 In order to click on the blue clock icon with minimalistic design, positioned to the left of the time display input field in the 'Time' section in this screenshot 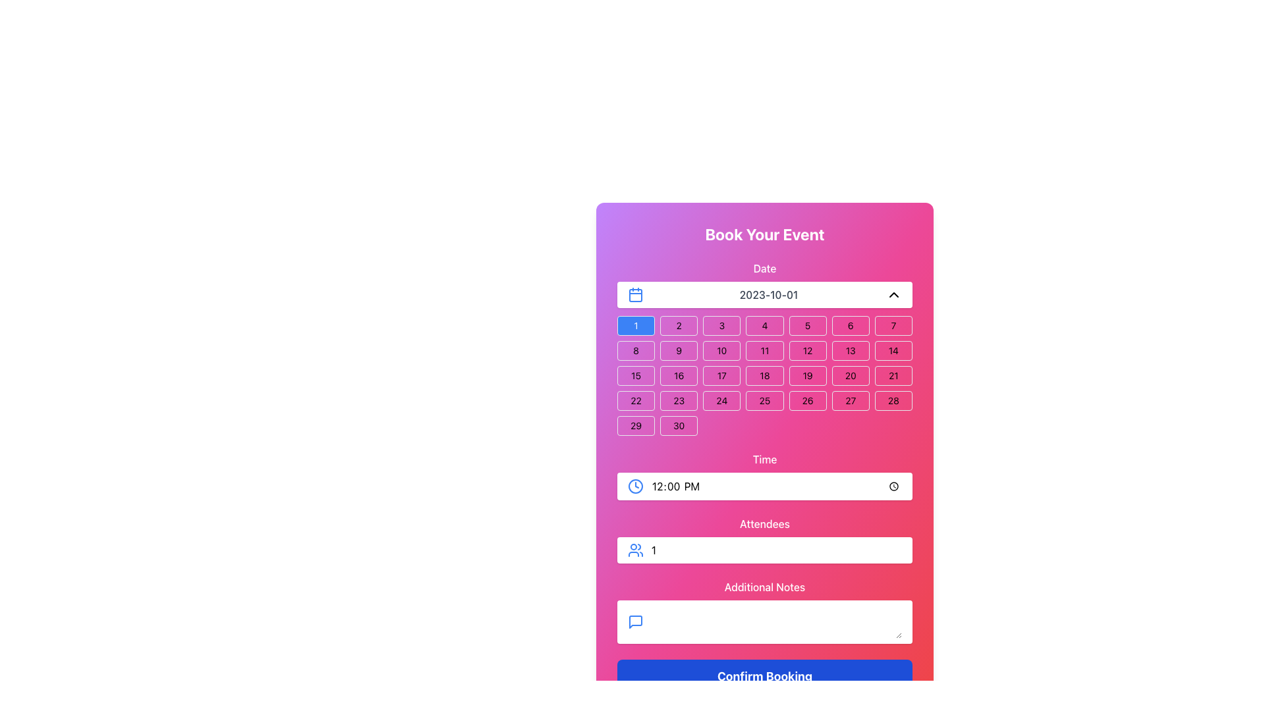, I will do `click(635, 487)`.